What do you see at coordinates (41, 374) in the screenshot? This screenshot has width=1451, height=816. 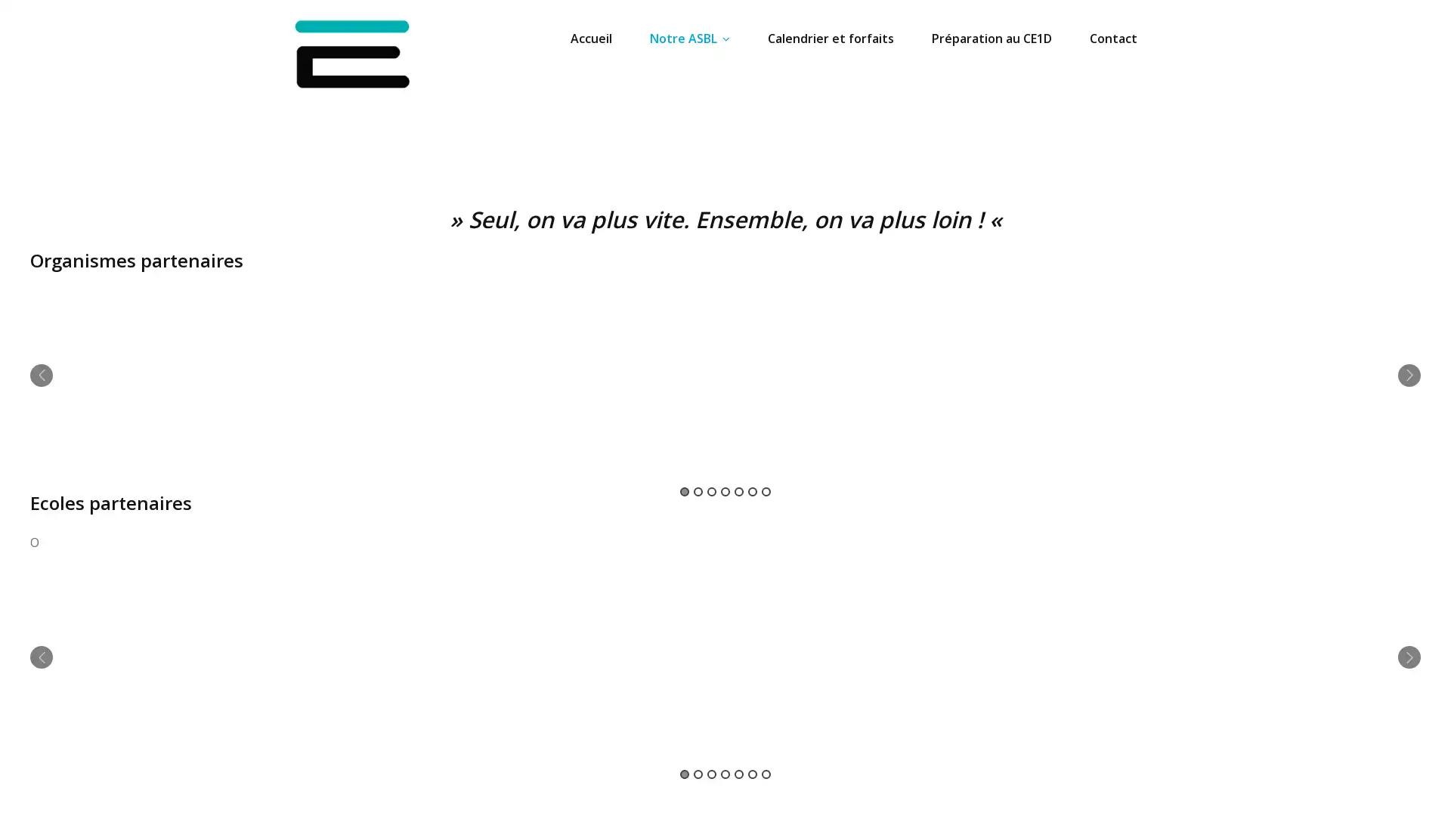 I see `Previous` at bounding box center [41, 374].